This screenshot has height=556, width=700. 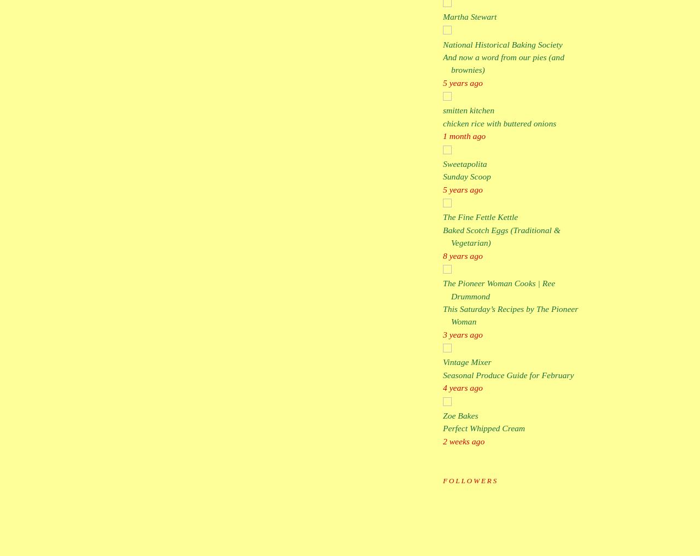 What do you see at coordinates (442, 415) in the screenshot?
I see `'Zoe Bakes'` at bounding box center [442, 415].